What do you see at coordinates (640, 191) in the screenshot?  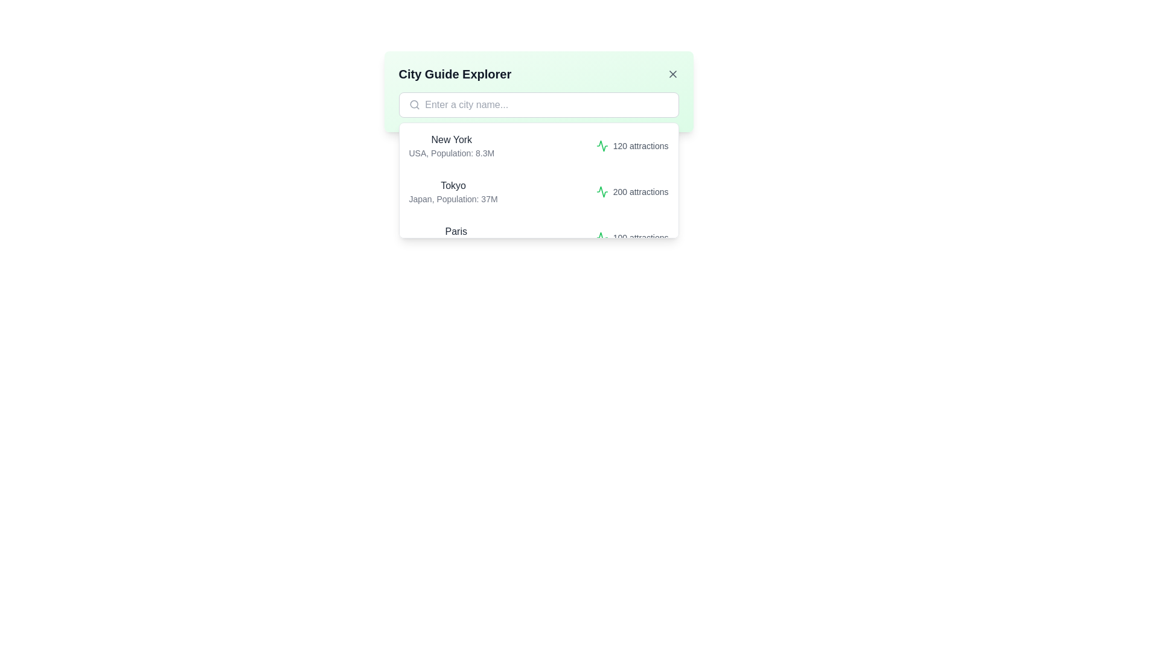 I see `text element displaying '200 attractions' in a smaller gray font located in the middle of the right side of the list entry for Tokyo, Japan` at bounding box center [640, 191].